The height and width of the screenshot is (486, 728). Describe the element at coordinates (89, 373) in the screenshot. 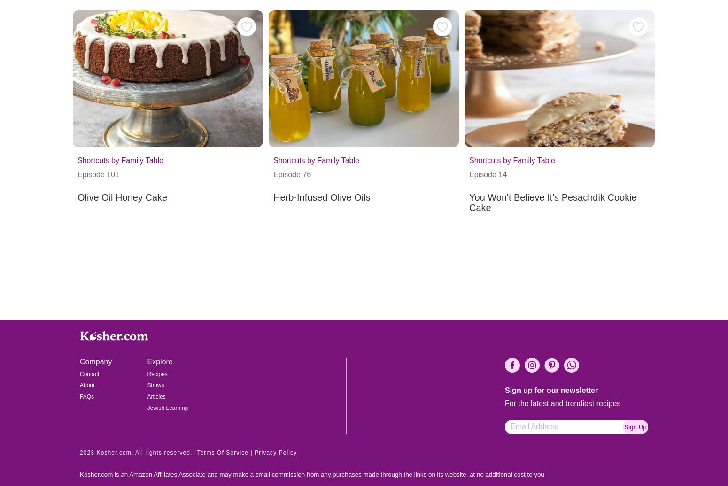

I see `'Contact'` at that location.